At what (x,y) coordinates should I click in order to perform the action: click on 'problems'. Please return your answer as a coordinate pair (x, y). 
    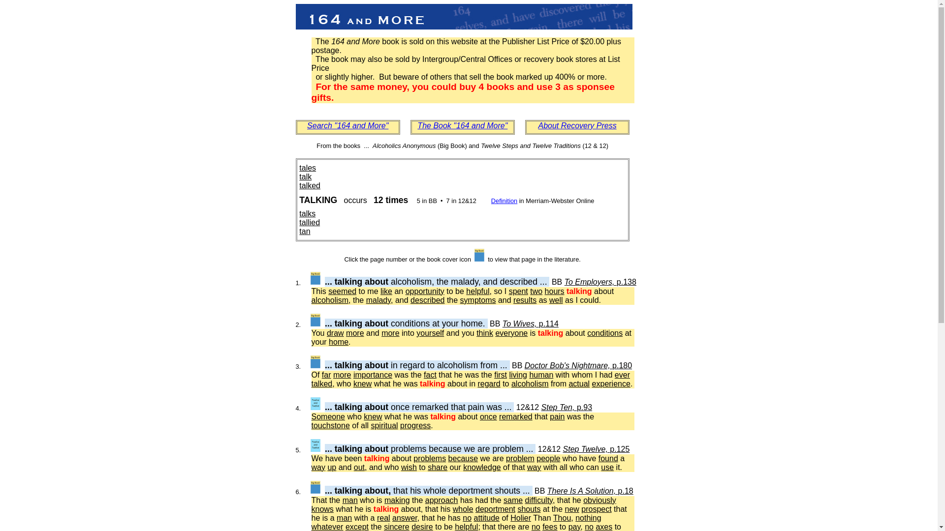
    Looking at the image, I should click on (430, 458).